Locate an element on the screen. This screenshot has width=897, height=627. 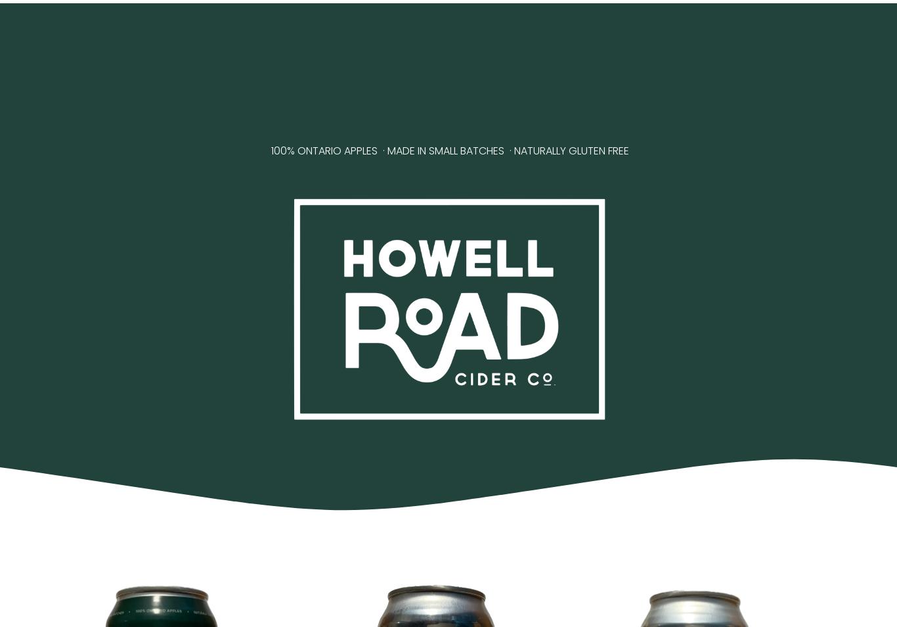
'Sustainable Farming' is located at coordinates (247, 94).